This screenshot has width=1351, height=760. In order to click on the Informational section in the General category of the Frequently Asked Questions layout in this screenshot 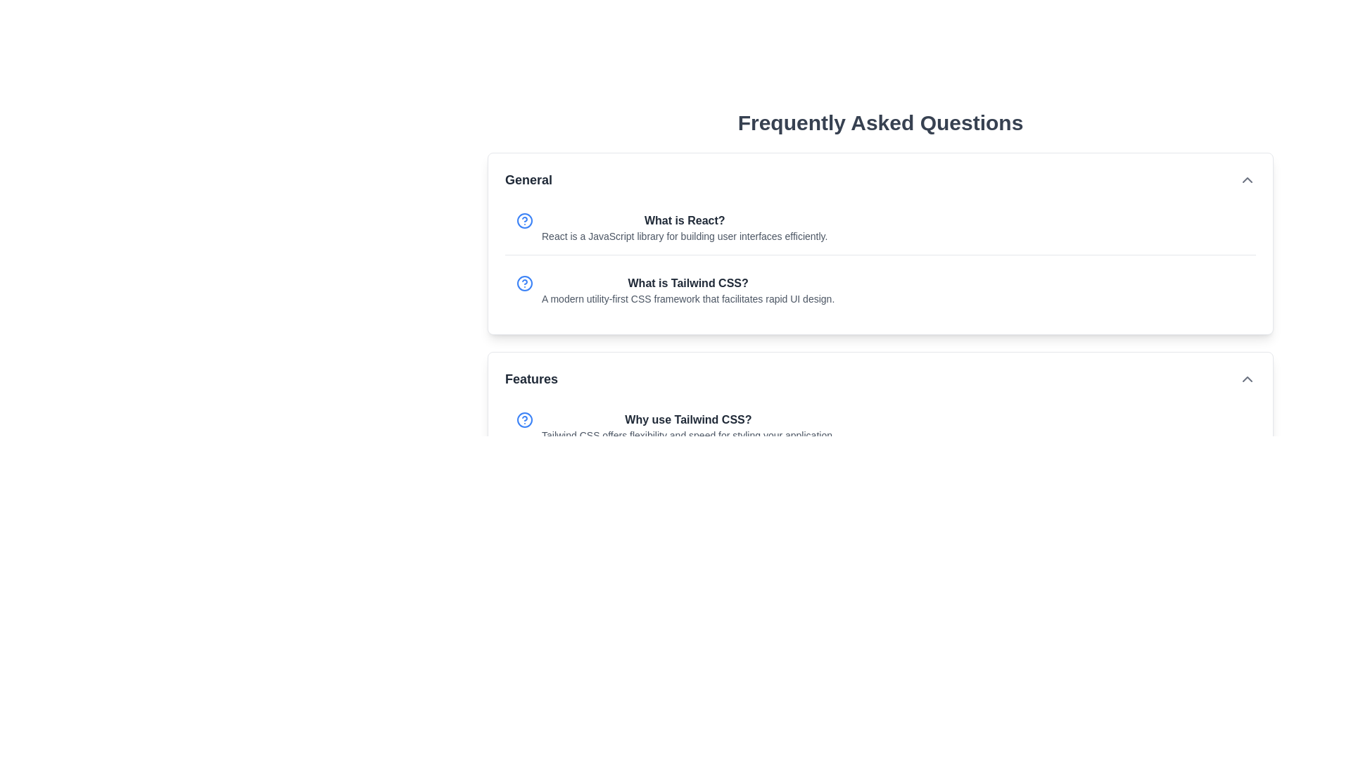, I will do `click(880, 227)`.